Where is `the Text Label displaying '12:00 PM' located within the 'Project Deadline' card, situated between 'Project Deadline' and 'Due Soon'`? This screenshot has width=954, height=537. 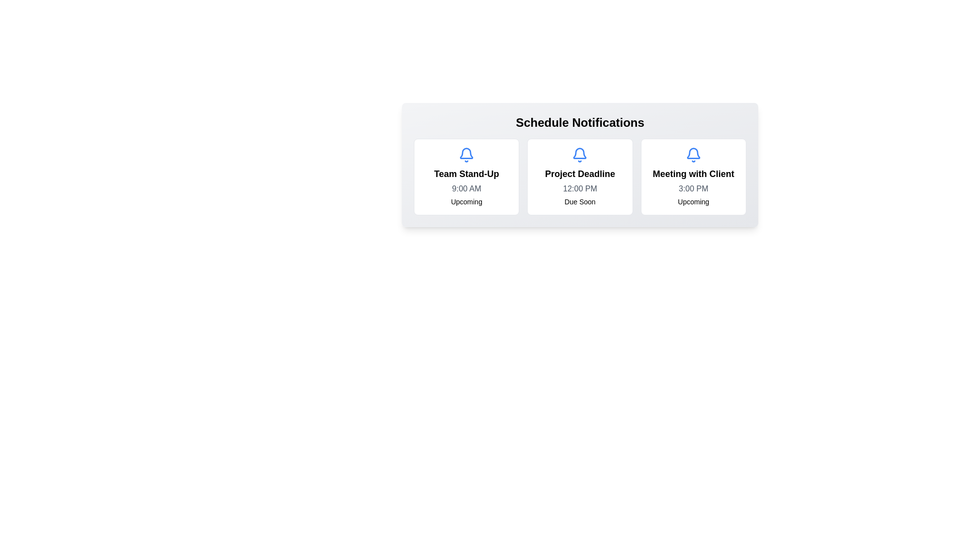
the Text Label displaying '12:00 PM' located within the 'Project Deadline' card, situated between 'Project Deadline' and 'Due Soon' is located at coordinates (580, 189).